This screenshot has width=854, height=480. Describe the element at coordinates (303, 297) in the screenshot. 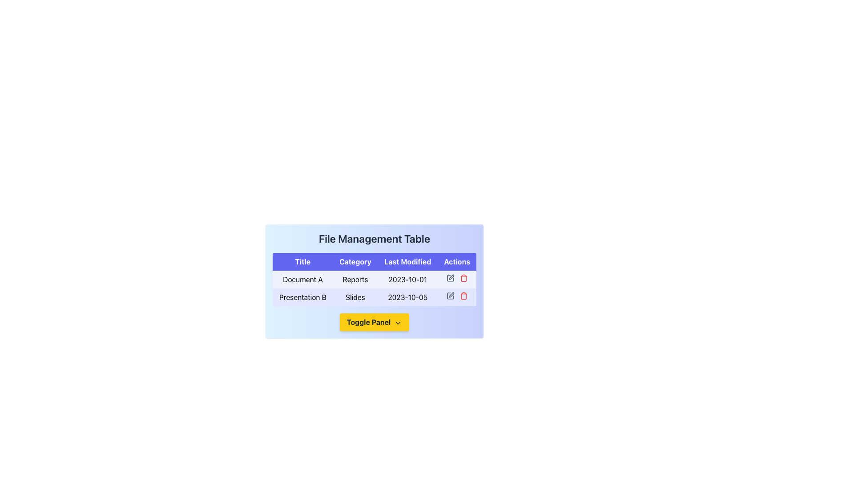

I see `the Text label in the second row of the table under the 'Title' column, which is positioned to the left of the text 'Slides' and above the date '2023-10-05'` at that location.